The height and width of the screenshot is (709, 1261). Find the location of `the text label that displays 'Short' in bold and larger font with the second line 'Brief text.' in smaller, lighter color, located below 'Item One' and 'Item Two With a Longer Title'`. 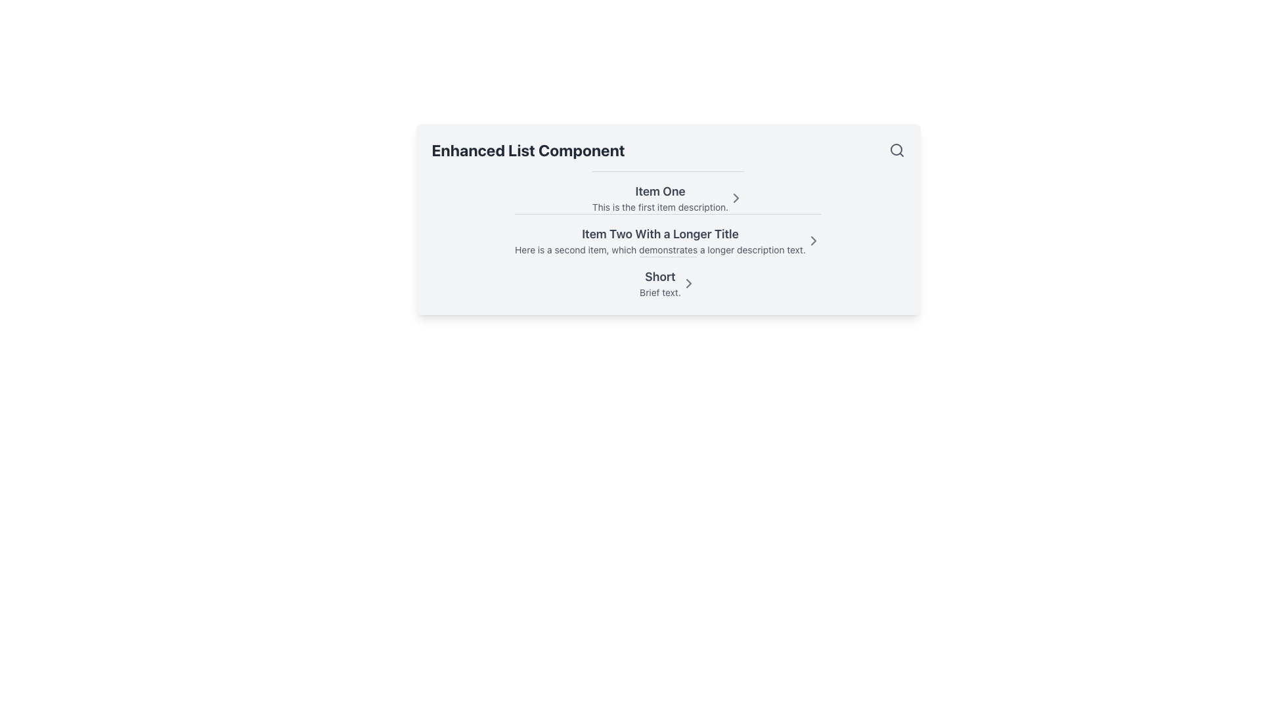

the text label that displays 'Short' in bold and larger font with the second line 'Brief text.' in smaller, lighter color, located below 'Item One' and 'Item Two With a Longer Title' is located at coordinates (660, 283).